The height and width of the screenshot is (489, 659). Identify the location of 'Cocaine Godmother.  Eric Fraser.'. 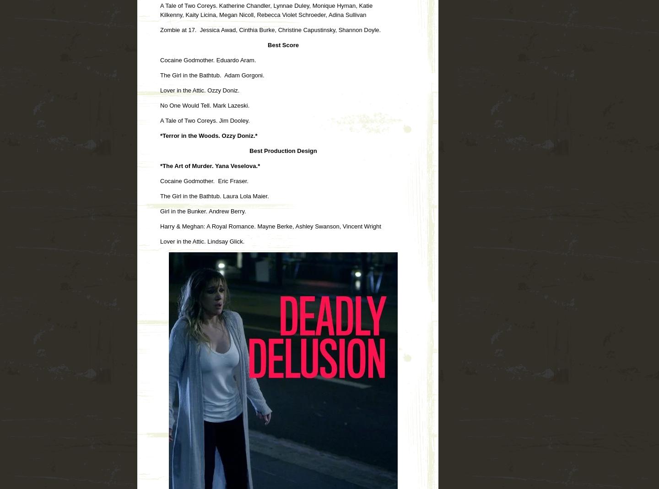
(204, 180).